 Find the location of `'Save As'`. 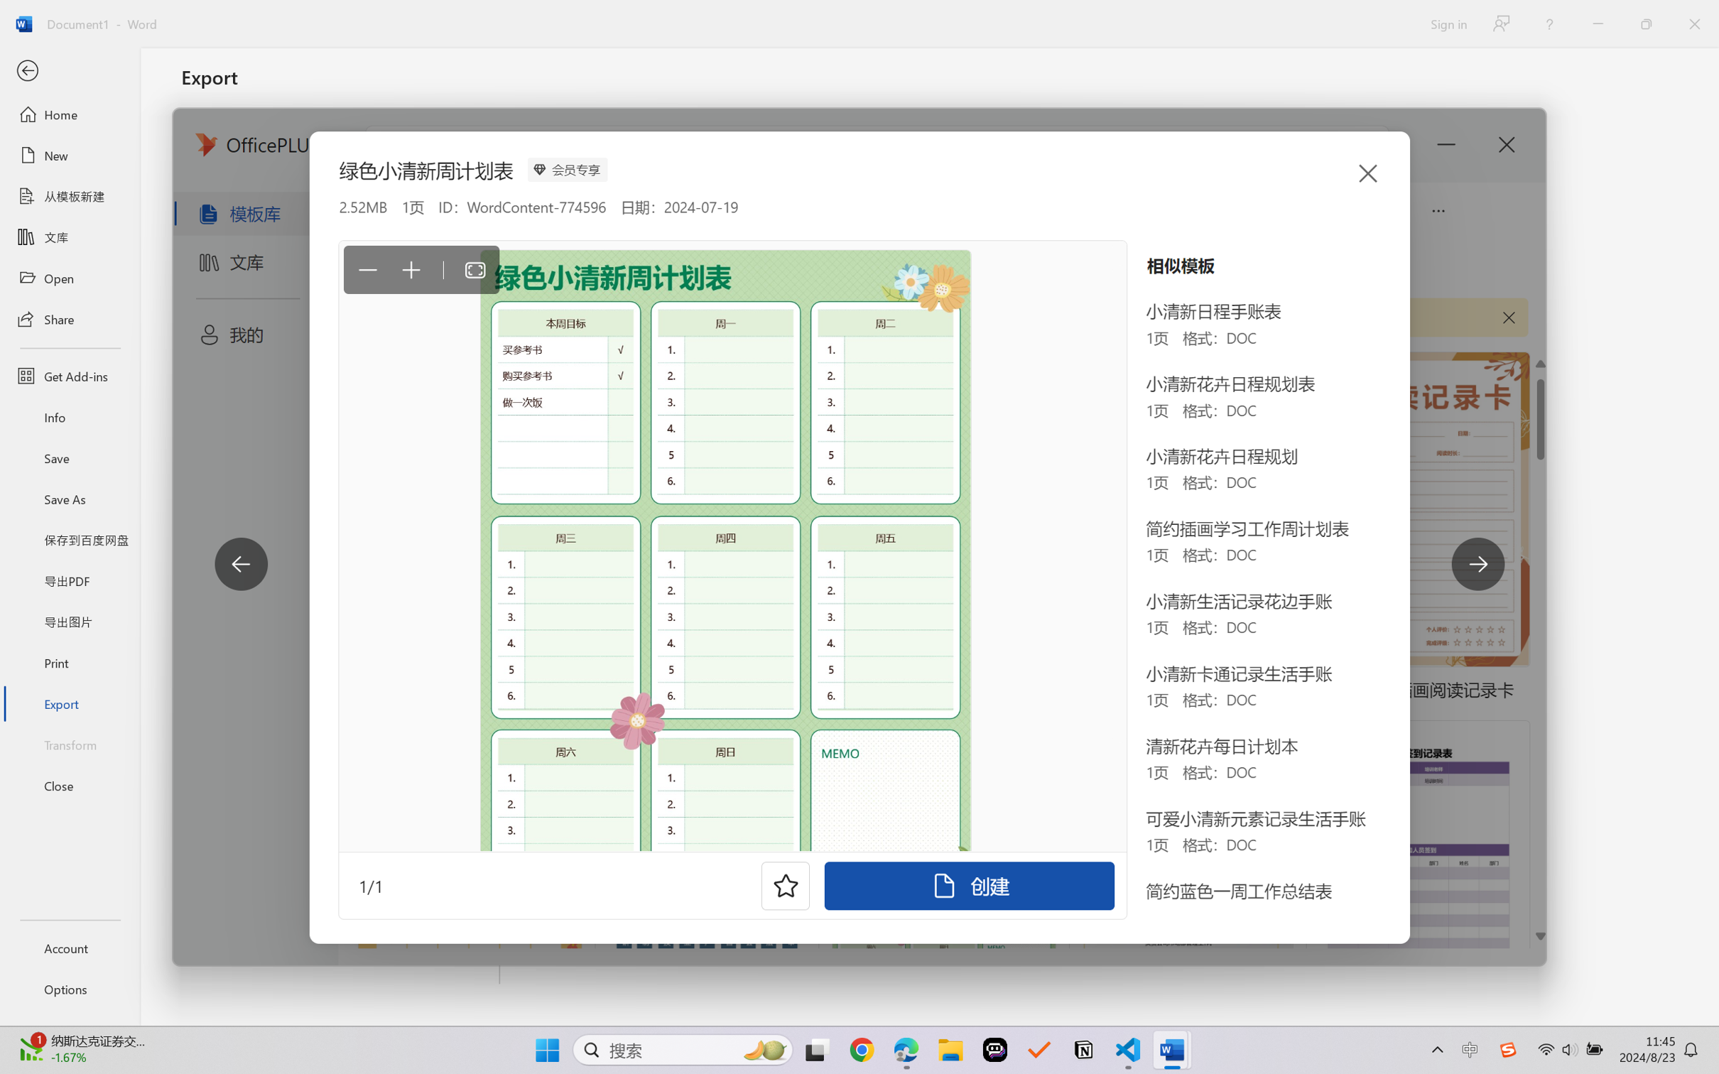

'Save As' is located at coordinates (69, 499).